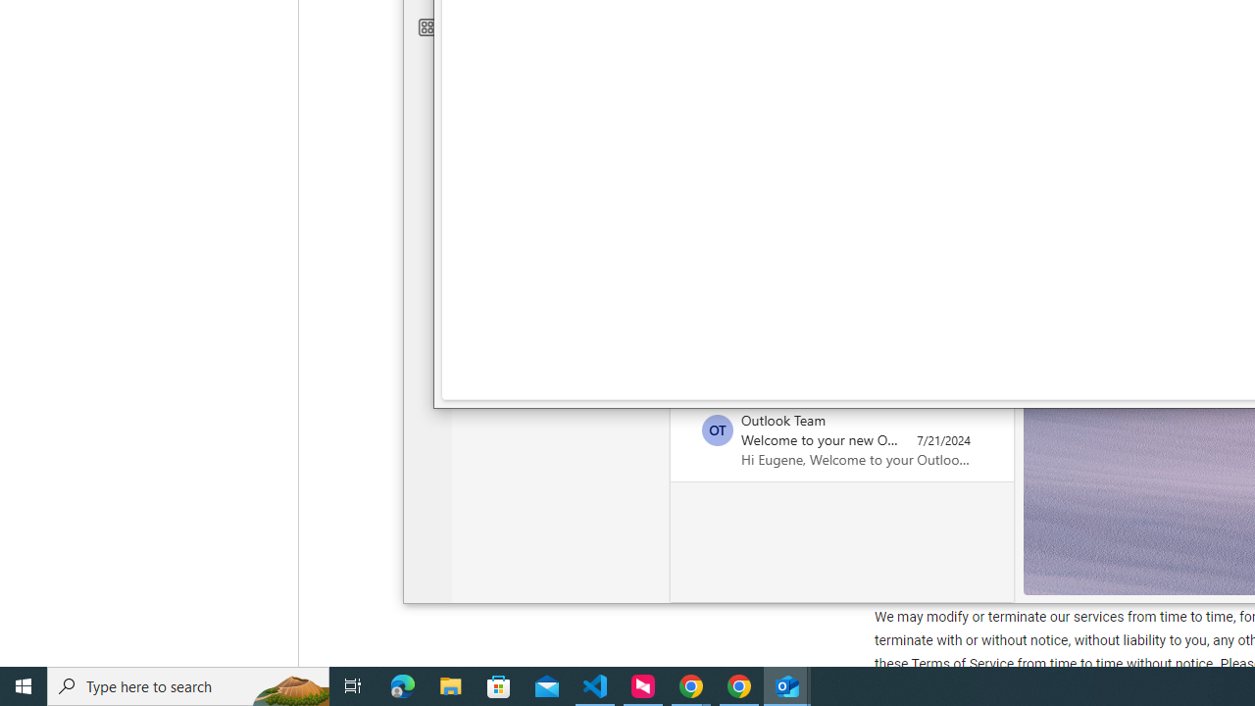  Describe the element at coordinates (24, 684) in the screenshot. I see `'Start'` at that location.